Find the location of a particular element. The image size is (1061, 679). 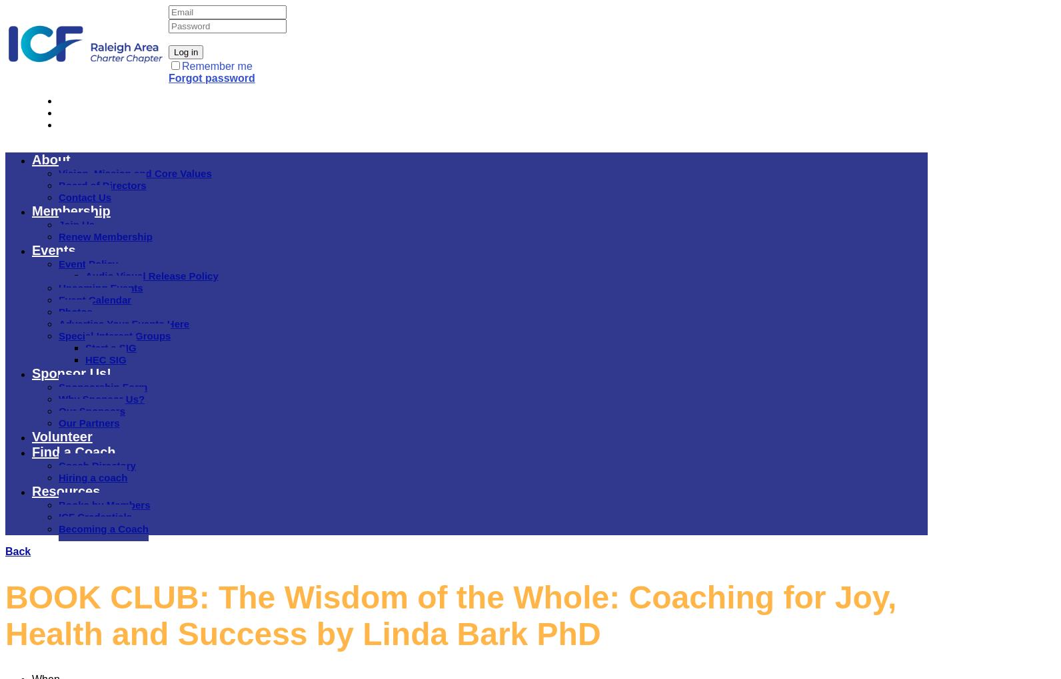

'Back' is located at coordinates (18, 551).